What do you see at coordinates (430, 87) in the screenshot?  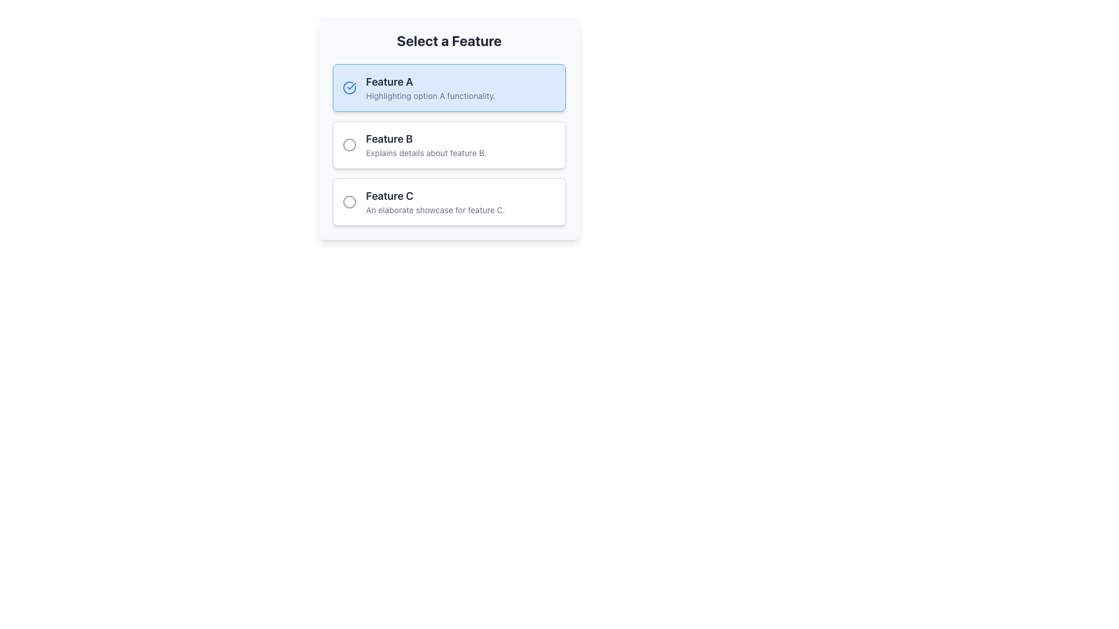 I see `to select the list item containing 'Feature A' with its description 'Highlighting option A functionality.'` at bounding box center [430, 87].